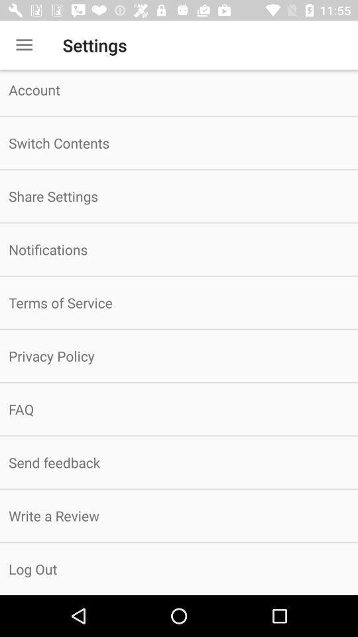 This screenshot has width=358, height=637. Describe the element at coordinates (179, 143) in the screenshot. I see `item above the share settings item` at that location.